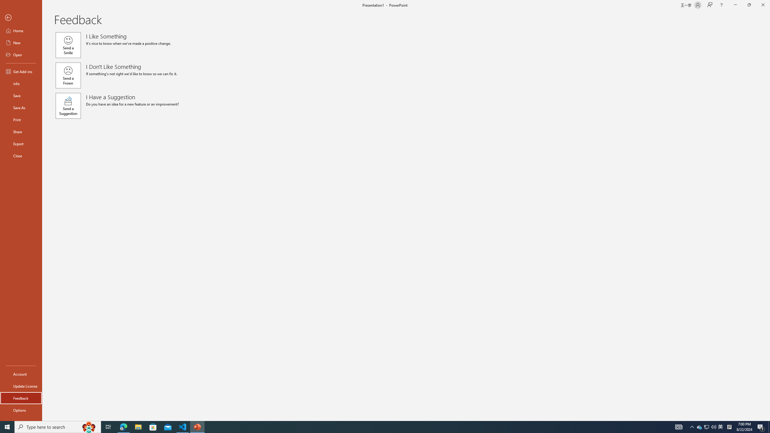 Image resolution: width=770 pixels, height=433 pixels. I want to click on 'Export', so click(21, 144).